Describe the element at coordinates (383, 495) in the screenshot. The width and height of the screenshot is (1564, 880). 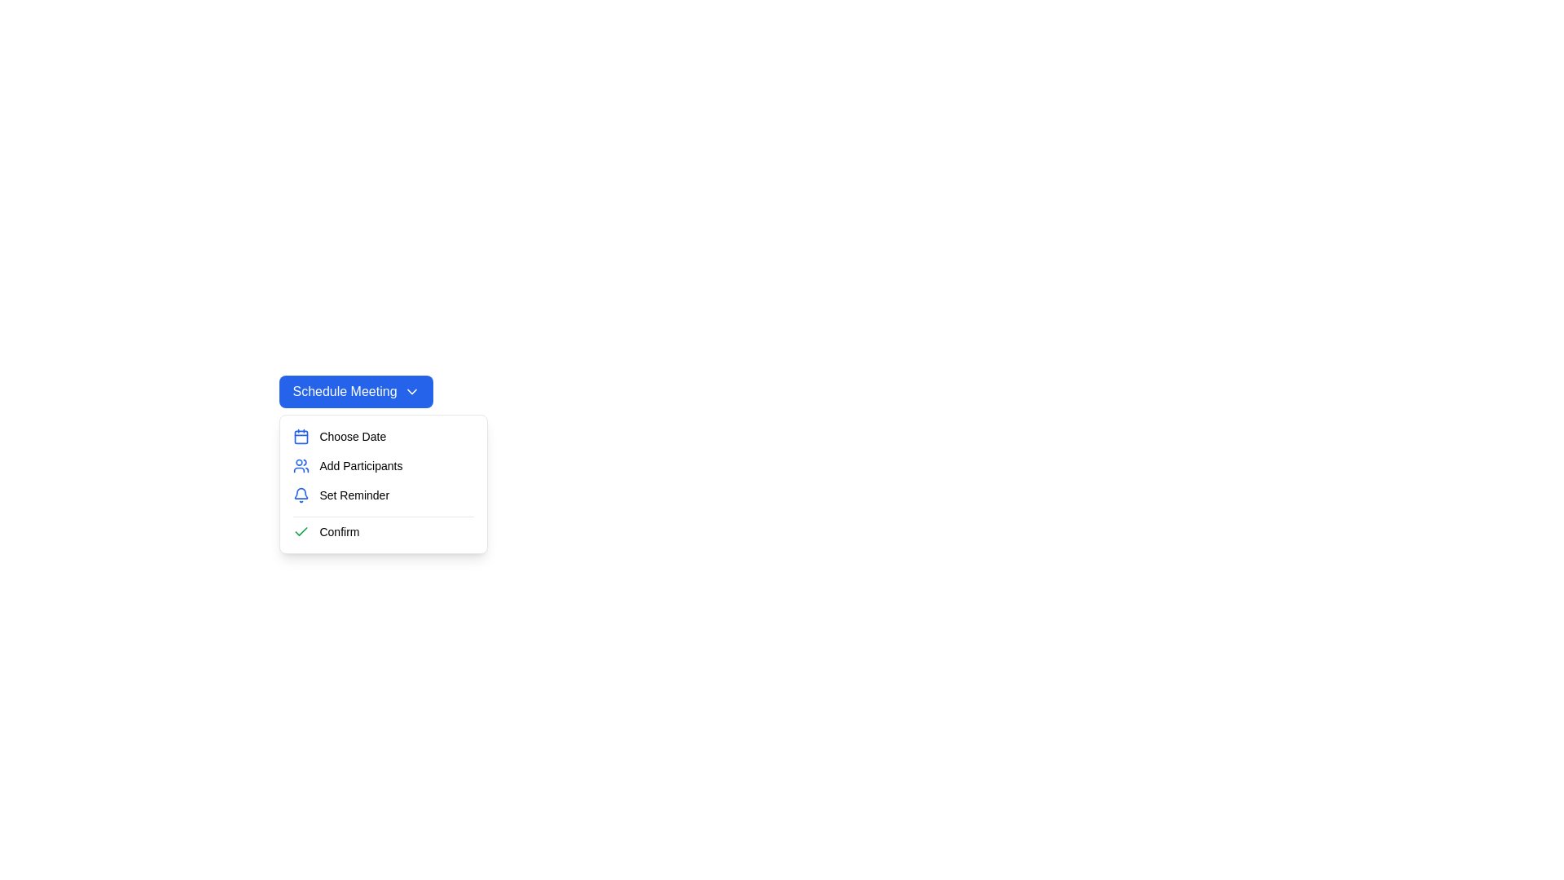
I see `the 'Set Reminder' menu item, which is the third item in the vertical menu list under the header 'Schedule Meeting', positioned below 'Add Participants' and above 'Confirm'` at that location.